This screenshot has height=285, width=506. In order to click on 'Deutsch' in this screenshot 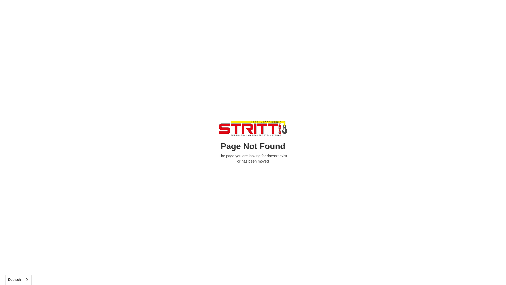, I will do `click(5, 279)`.